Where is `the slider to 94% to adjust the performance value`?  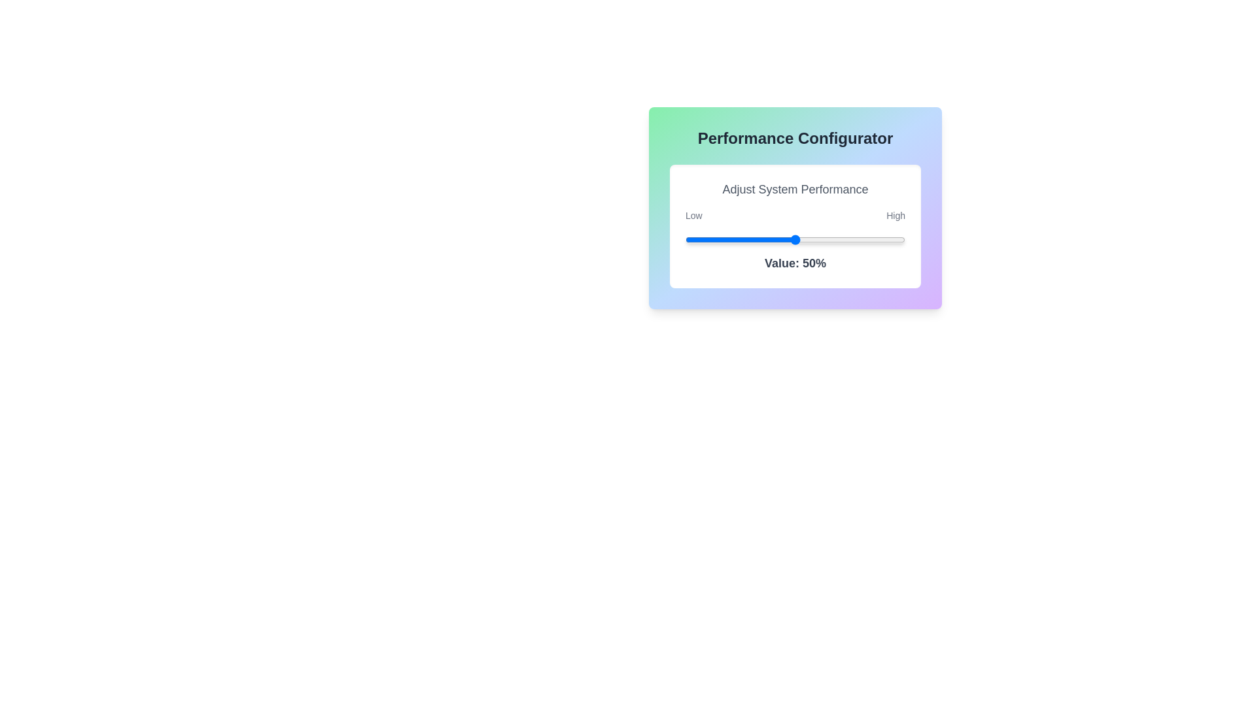
the slider to 94% to adjust the performance value is located at coordinates (891, 239).